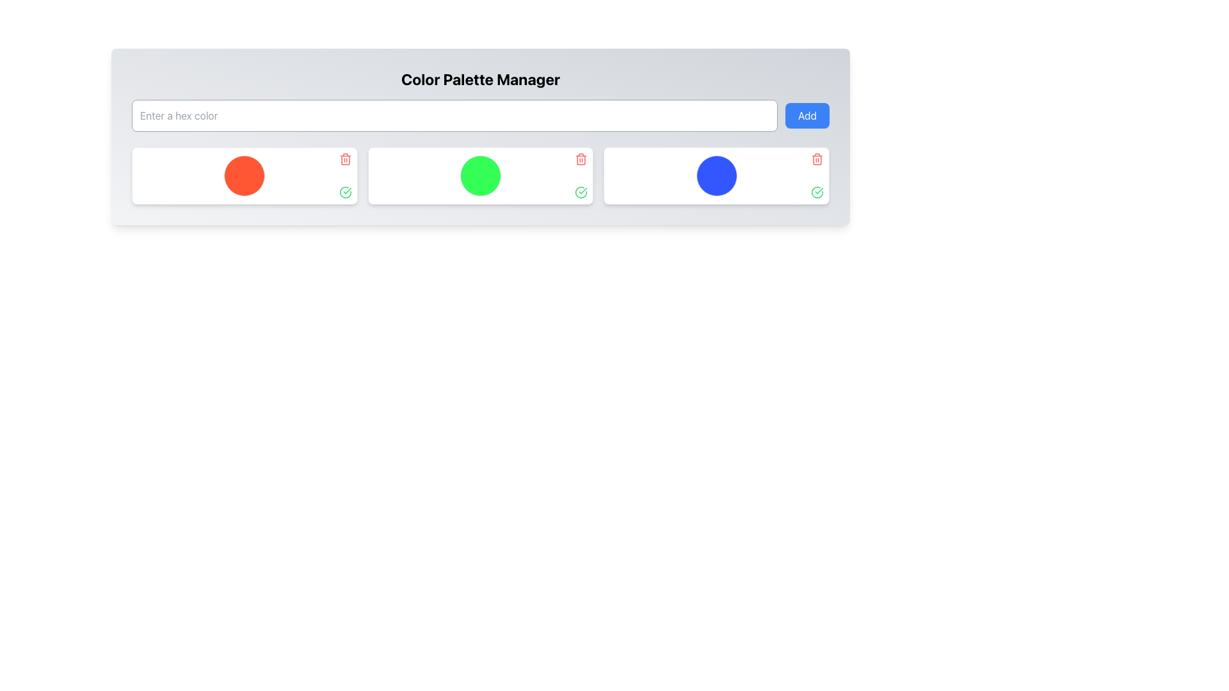 The image size is (1229, 691). I want to click on the green checkmark icon within a circular border located at the bottom-right corner of the middle color card in a horizontal row of three cards, so click(581, 192).